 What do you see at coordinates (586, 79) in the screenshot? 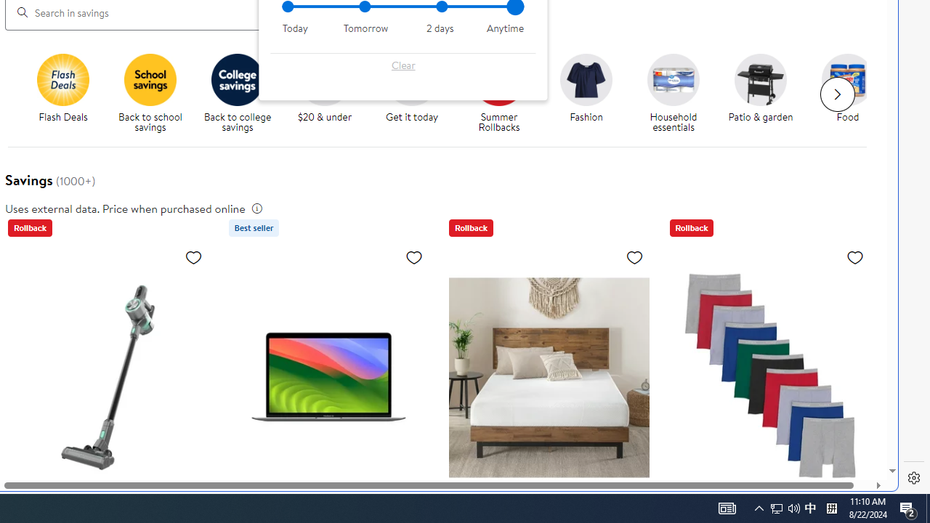
I see `'Fashion'` at bounding box center [586, 79].